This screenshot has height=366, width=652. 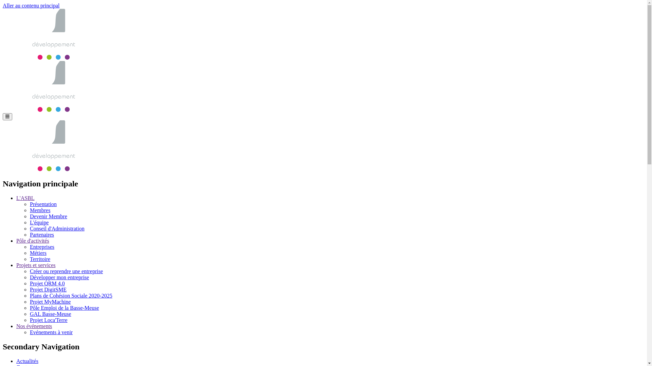 I want to click on 'Projet DigitSME', so click(x=48, y=289).